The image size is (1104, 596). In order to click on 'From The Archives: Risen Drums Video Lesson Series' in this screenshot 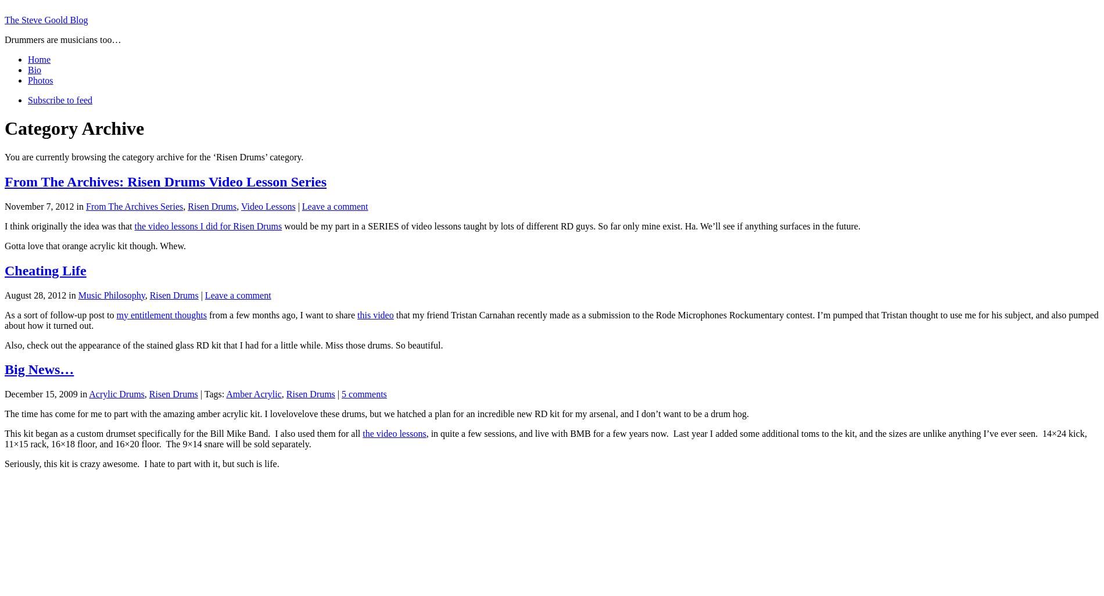, I will do `click(165, 181)`.